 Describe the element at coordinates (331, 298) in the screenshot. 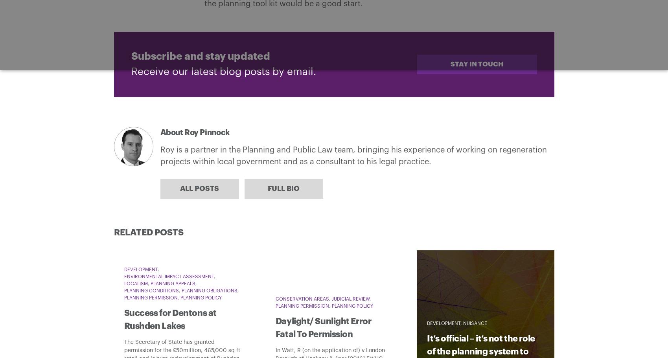

I see `'Judicial Review'` at that location.